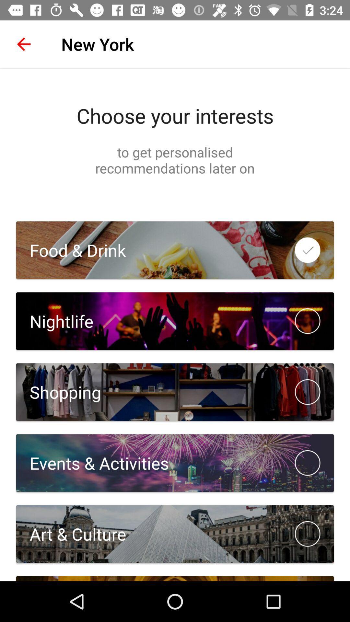 The width and height of the screenshot is (350, 622). I want to click on shopping icon, so click(58, 392).